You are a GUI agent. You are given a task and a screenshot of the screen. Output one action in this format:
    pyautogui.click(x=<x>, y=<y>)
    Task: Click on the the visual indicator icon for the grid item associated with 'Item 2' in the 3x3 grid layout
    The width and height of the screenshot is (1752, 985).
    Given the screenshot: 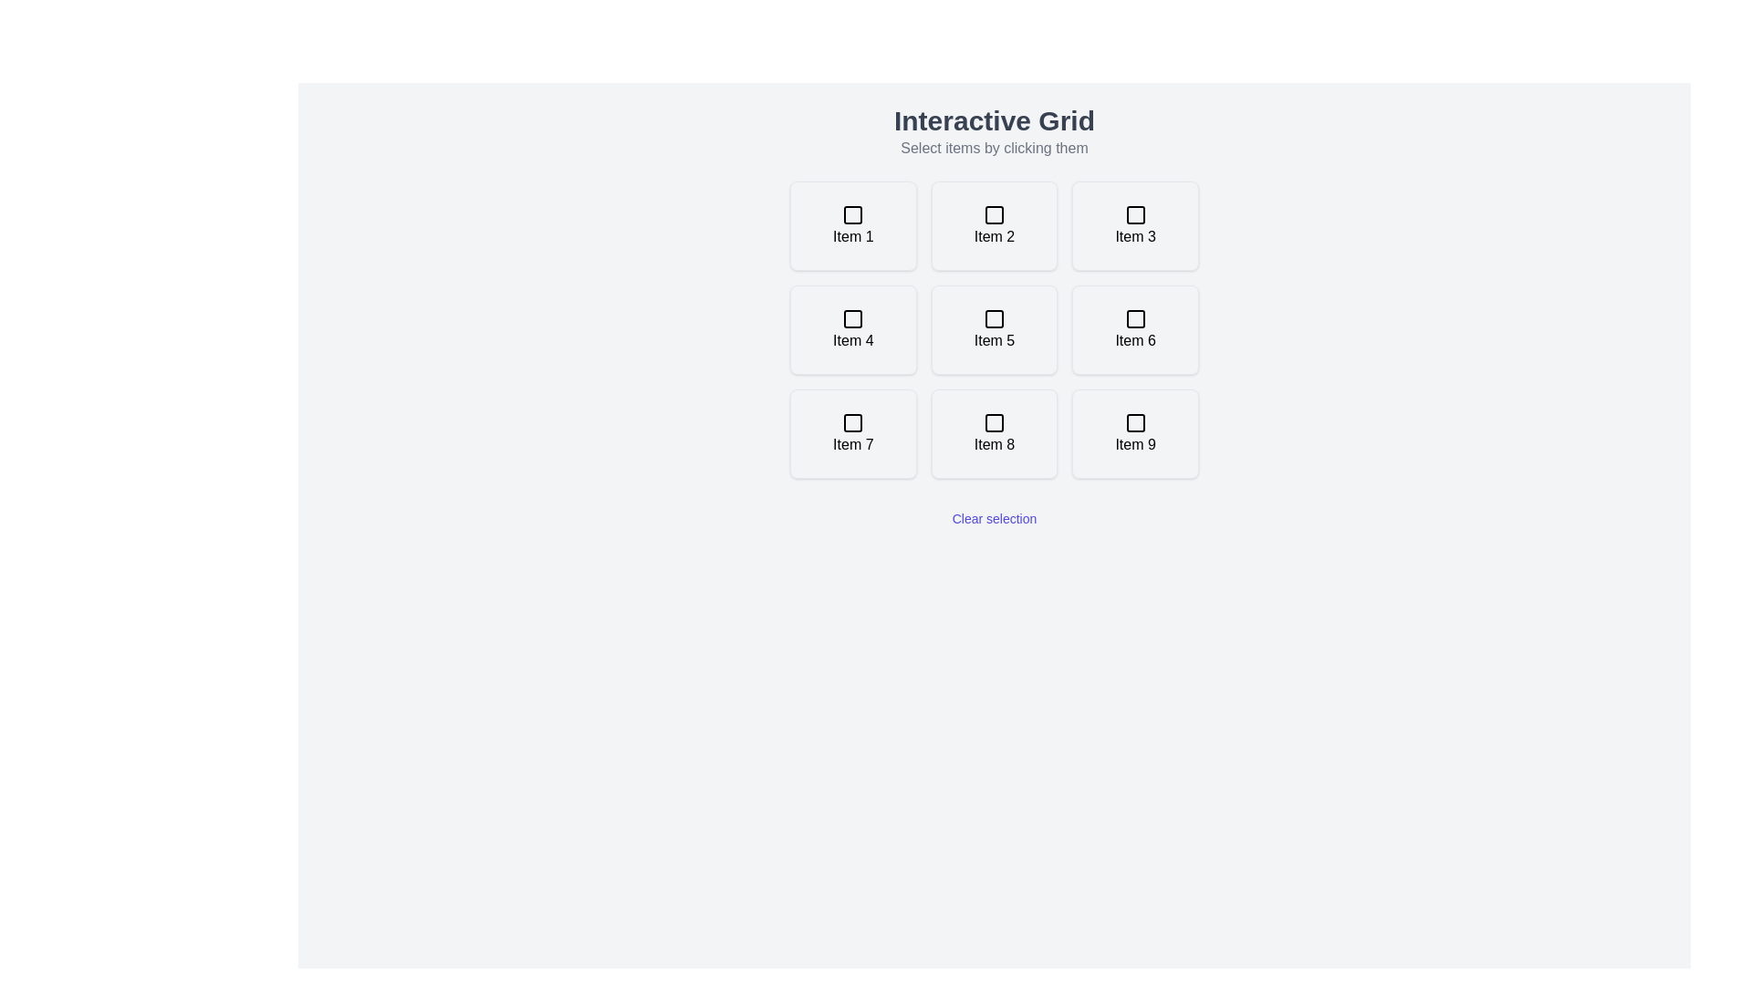 What is the action you would take?
    pyautogui.click(x=993, y=213)
    